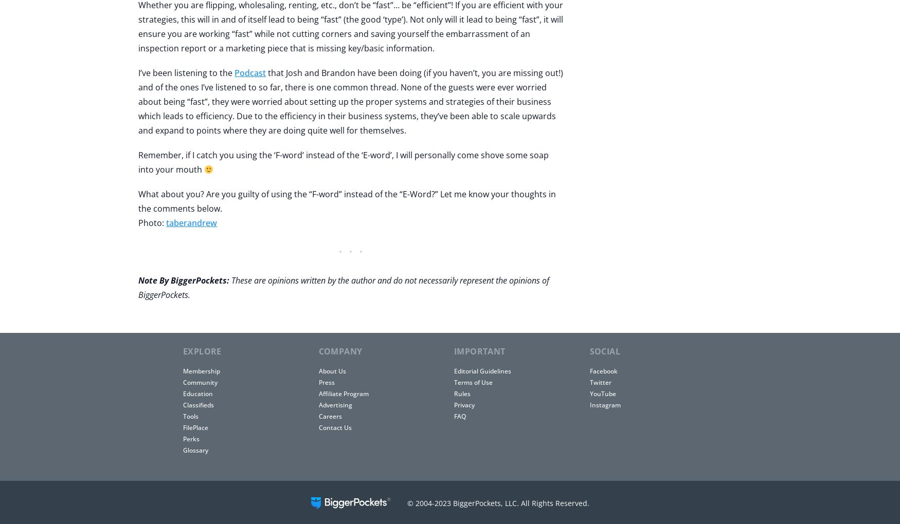 The height and width of the screenshot is (524, 900). Describe the element at coordinates (603, 370) in the screenshot. I see `'Facebook'` at that location.